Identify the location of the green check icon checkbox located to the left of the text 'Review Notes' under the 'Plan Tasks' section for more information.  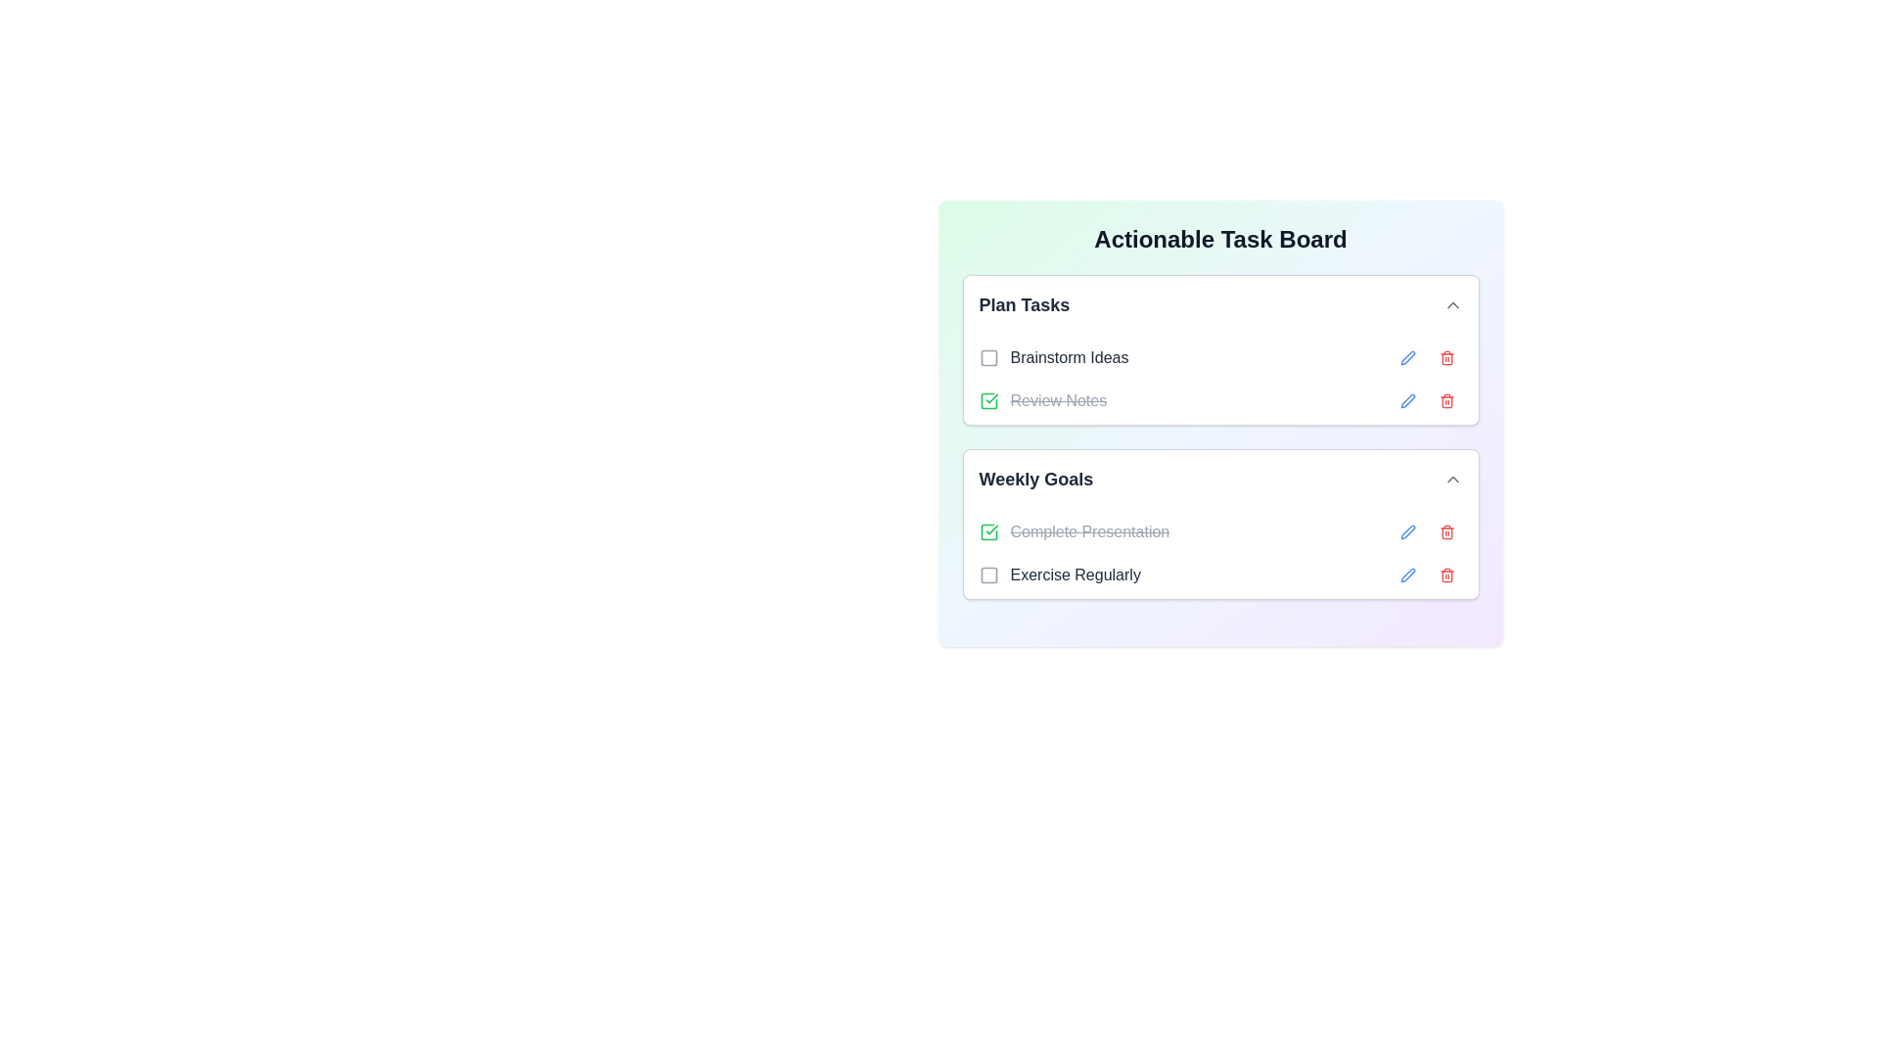
(988, 399).